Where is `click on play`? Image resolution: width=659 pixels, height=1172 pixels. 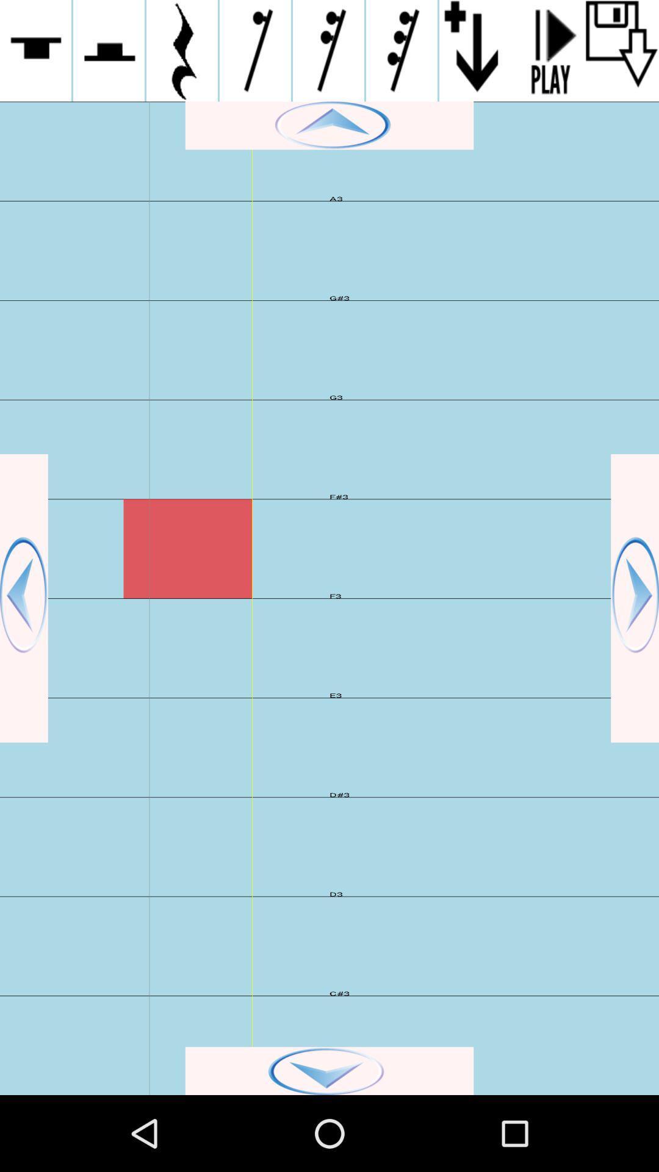 click on play is located at coordinates (548, 50).